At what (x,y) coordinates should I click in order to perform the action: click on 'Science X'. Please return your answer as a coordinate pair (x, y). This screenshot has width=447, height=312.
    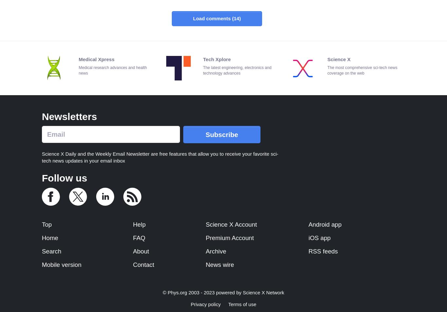
    Looking at the image, I should click on (338, 59).